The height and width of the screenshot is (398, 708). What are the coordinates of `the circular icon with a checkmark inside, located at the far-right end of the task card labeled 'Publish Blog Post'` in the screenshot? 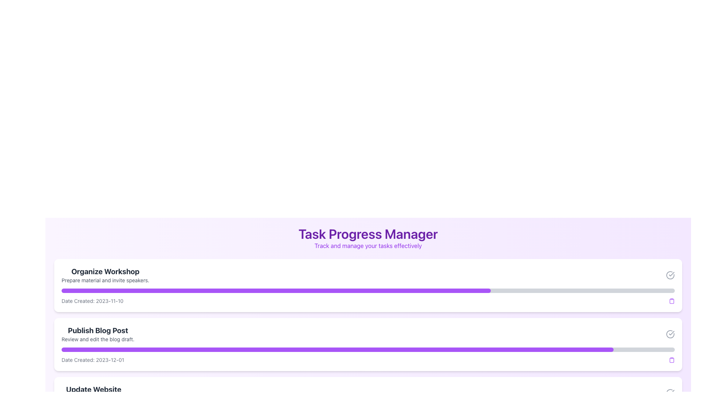 It's located at (670, 334).